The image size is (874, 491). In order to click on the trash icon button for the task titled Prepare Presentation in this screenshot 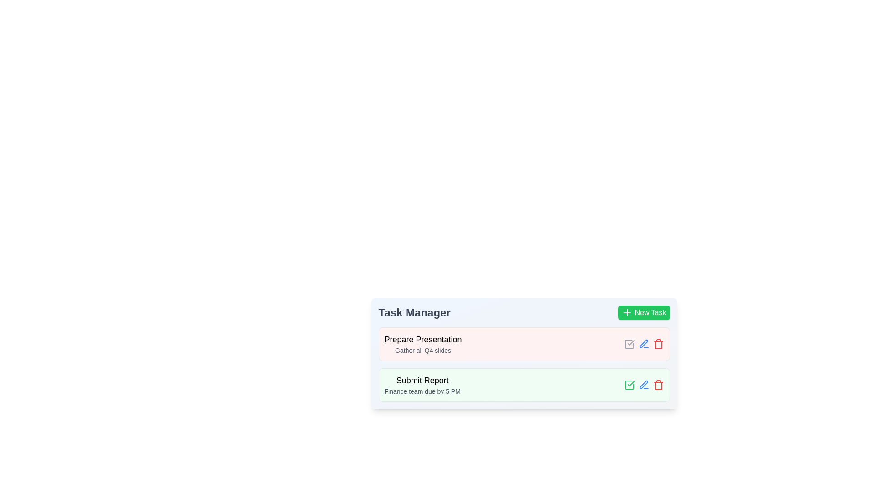, I will do `click(658, 344)`.